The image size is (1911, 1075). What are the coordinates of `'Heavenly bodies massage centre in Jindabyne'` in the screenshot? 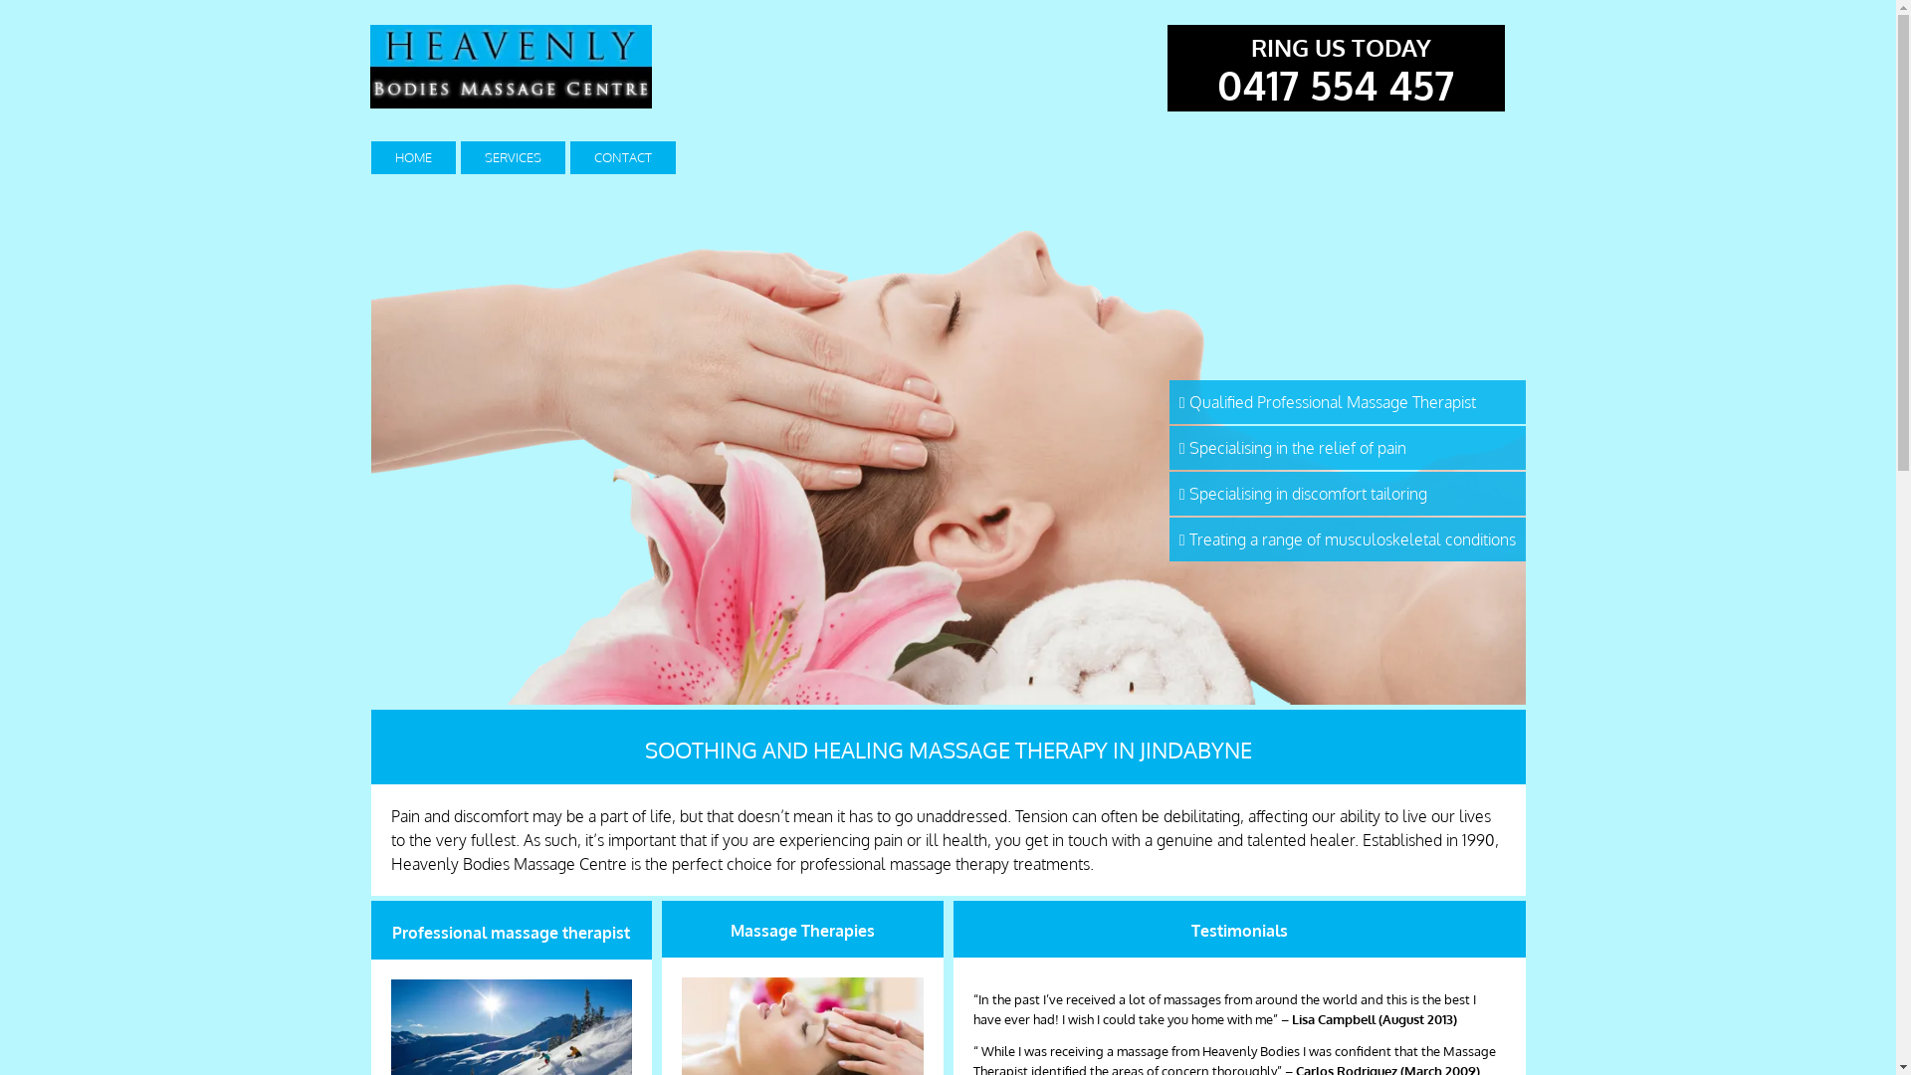 It's located at (946, 440).